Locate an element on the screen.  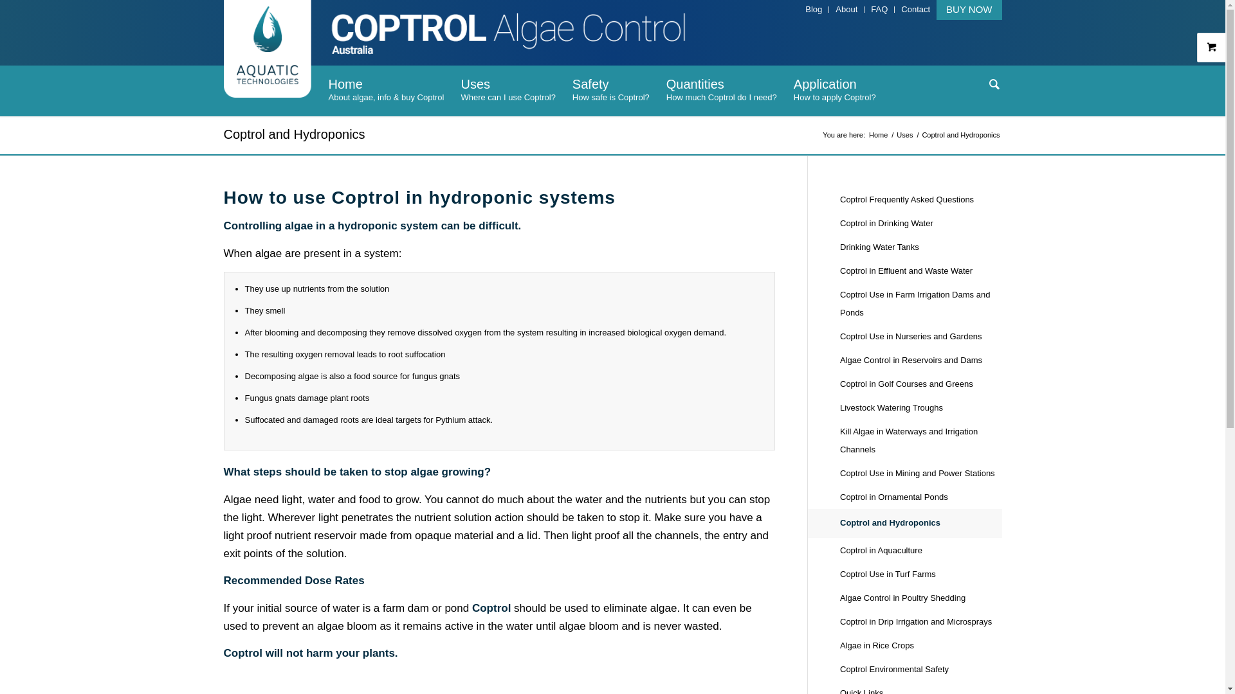
'Blog' is located at coordinates (813, 9).